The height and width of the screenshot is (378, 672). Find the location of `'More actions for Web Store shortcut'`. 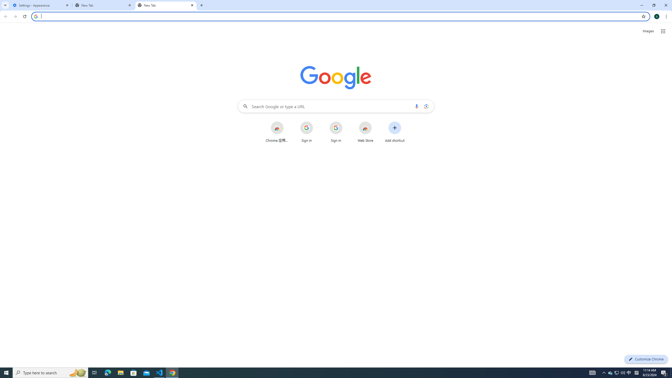

'More actions for Web Store shortcut' is located at coordinates (376, 122).